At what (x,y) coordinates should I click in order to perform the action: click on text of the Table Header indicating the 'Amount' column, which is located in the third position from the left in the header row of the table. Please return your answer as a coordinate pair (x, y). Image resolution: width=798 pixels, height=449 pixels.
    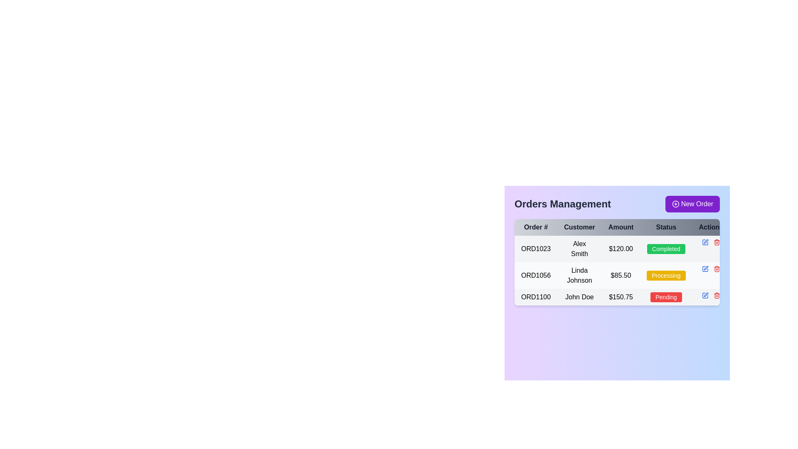
    Looking at the image, I should click on (622, 227).